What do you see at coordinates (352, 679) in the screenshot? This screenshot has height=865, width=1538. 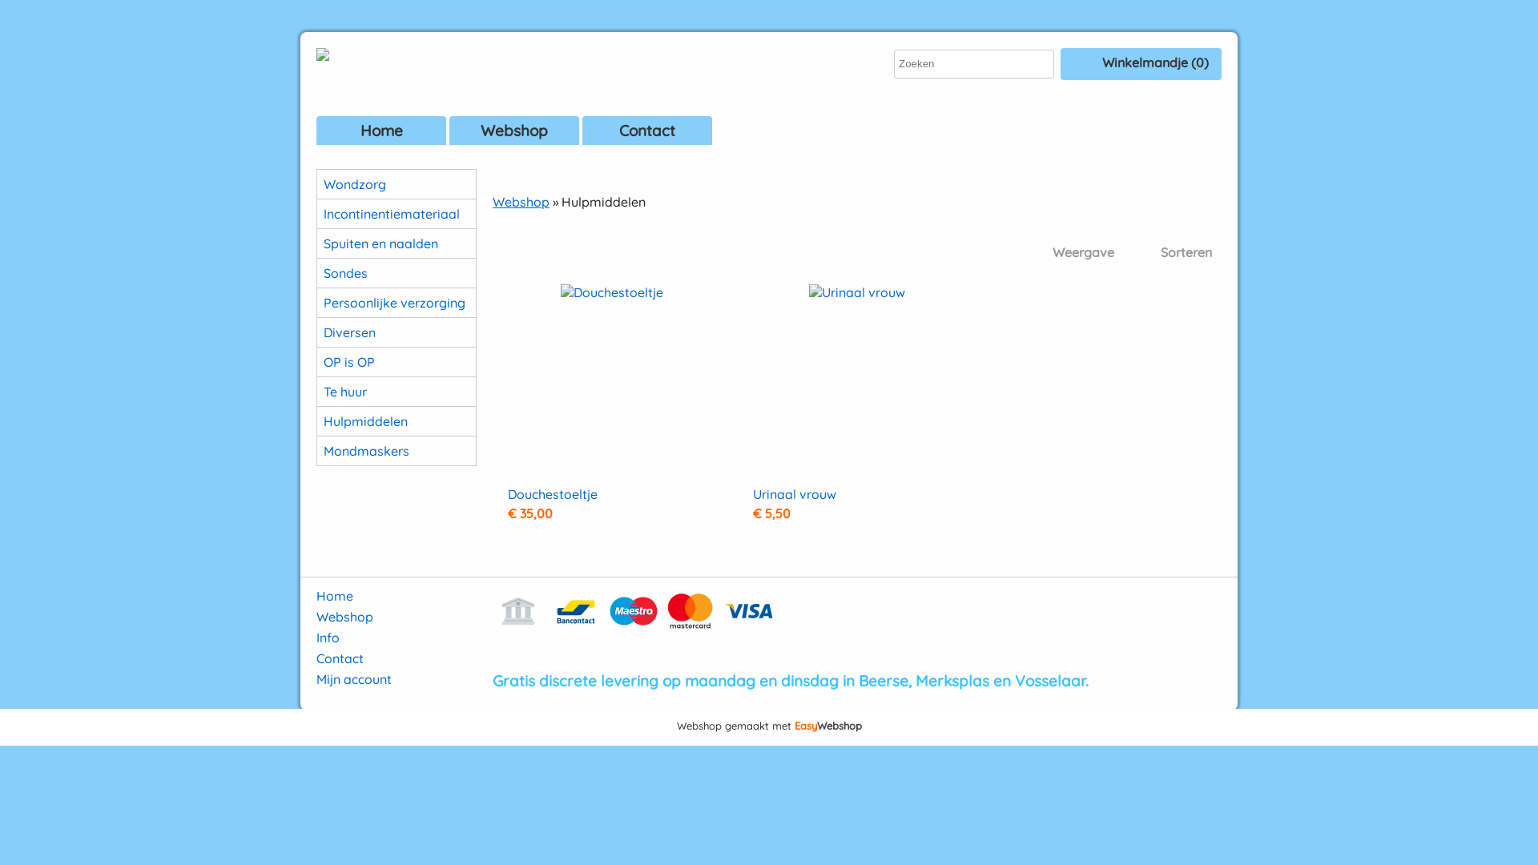 I see `'Mijn account'` at bounding box center [352, 679].